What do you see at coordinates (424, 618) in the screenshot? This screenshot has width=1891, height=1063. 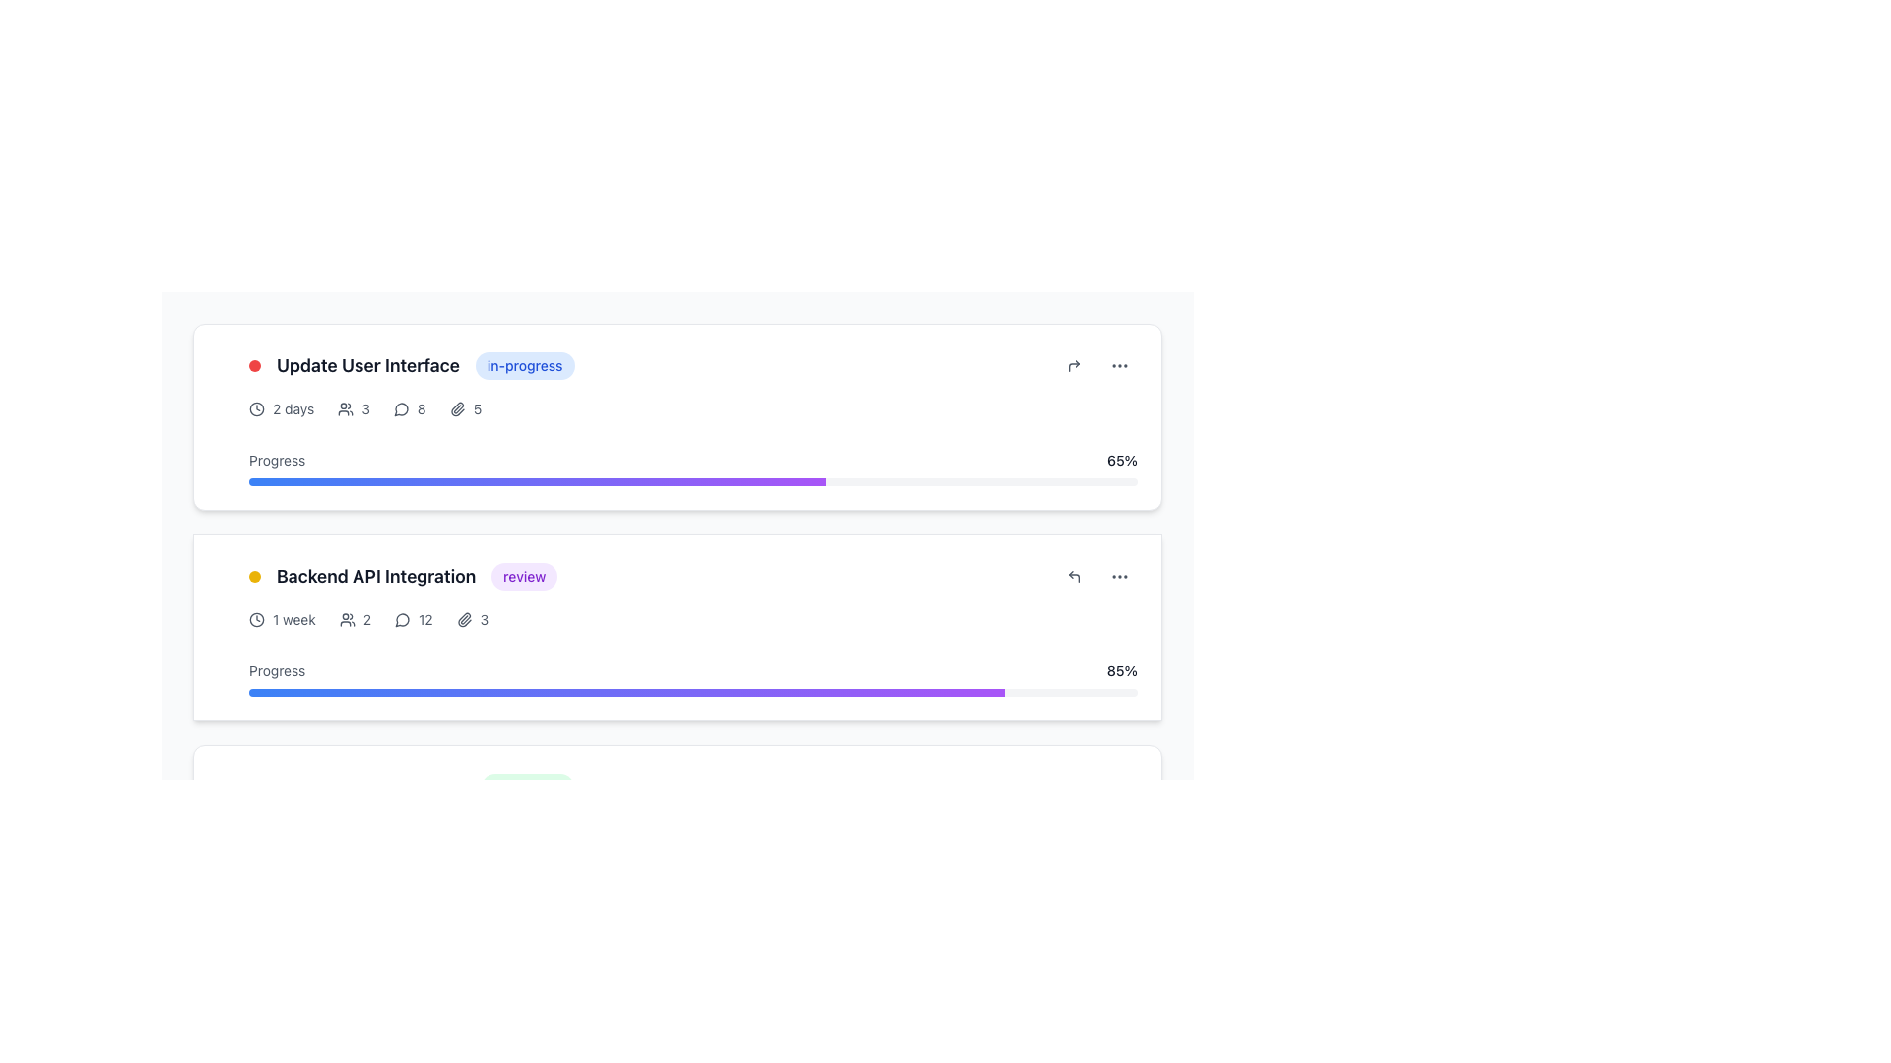 I see `the static text indicating the numerical count of comments or messages located in the bottom-left area of the 'Backend API Integration' card, next to the comment bubble icon` at bounding box center [424, 618].